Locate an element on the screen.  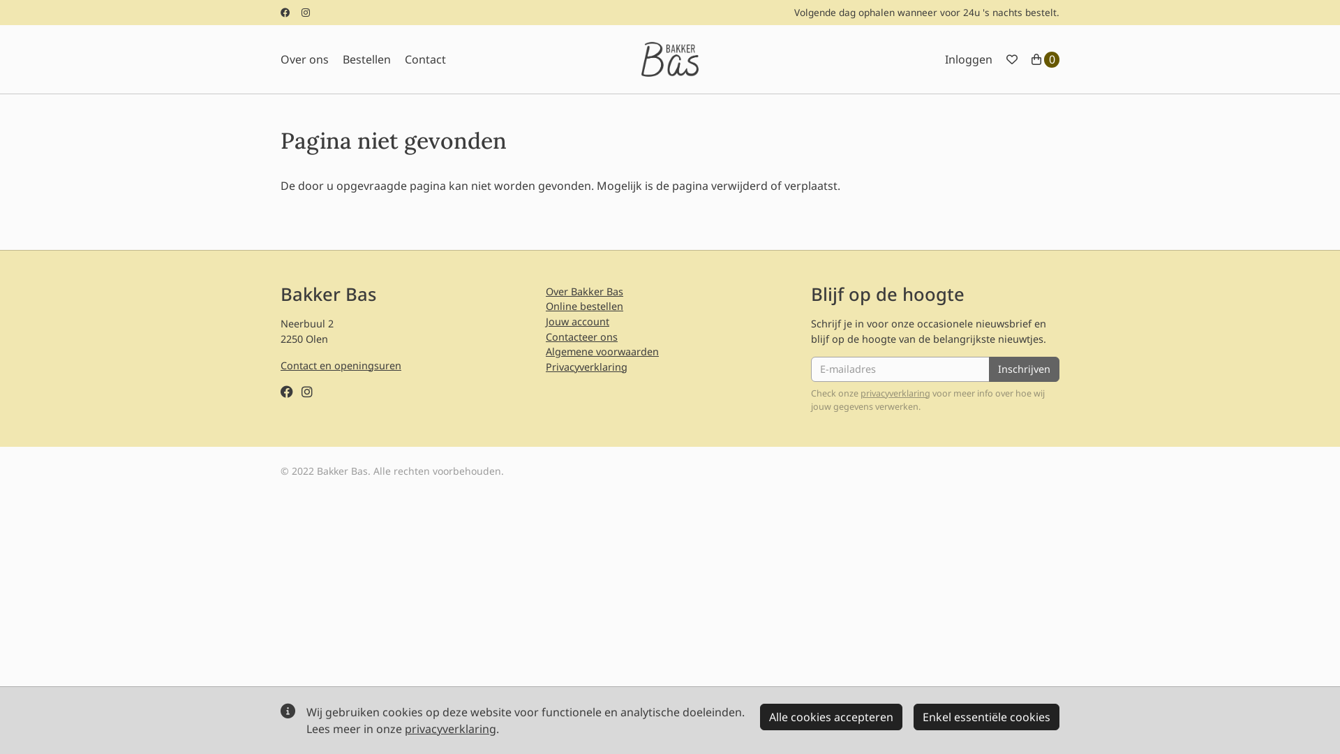
'Bestellen' is located at coordinates (366, 58).